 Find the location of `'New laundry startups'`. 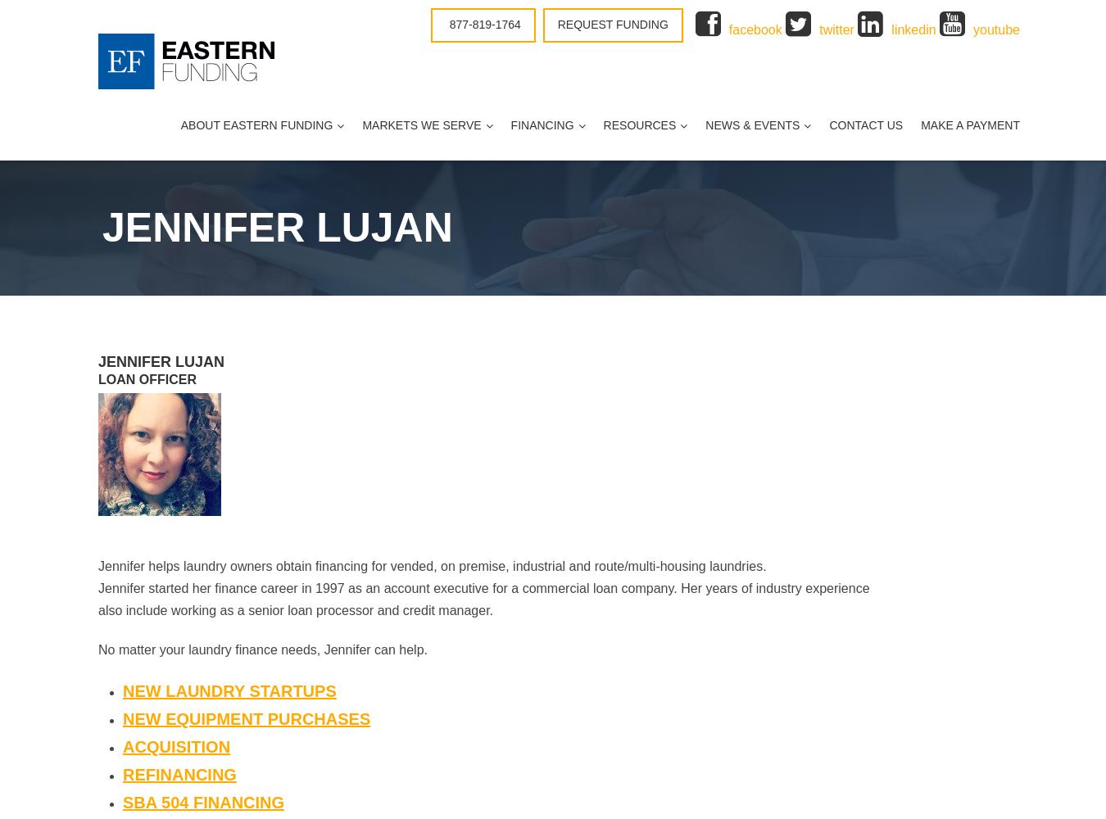

'New laundry startups' is located at coordinates (228, 690).